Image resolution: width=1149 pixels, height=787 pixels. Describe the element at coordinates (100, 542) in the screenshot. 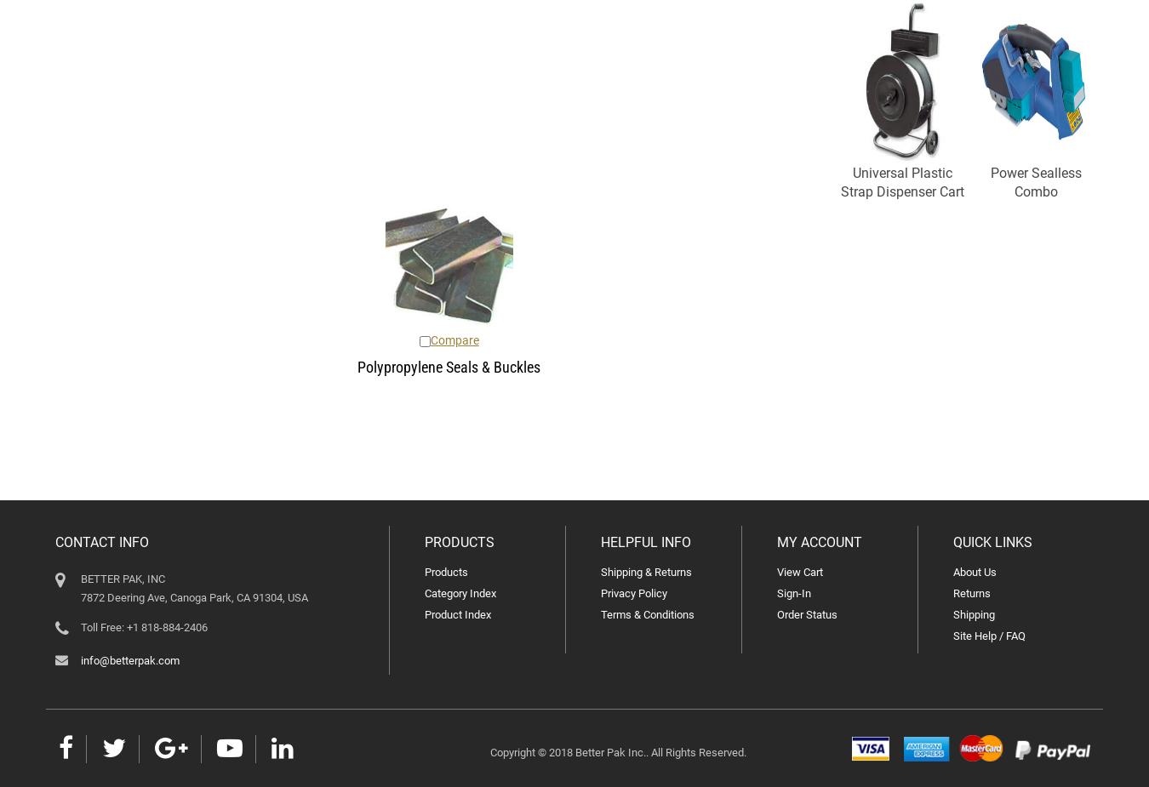

I see `'Contact Info'` at that location.